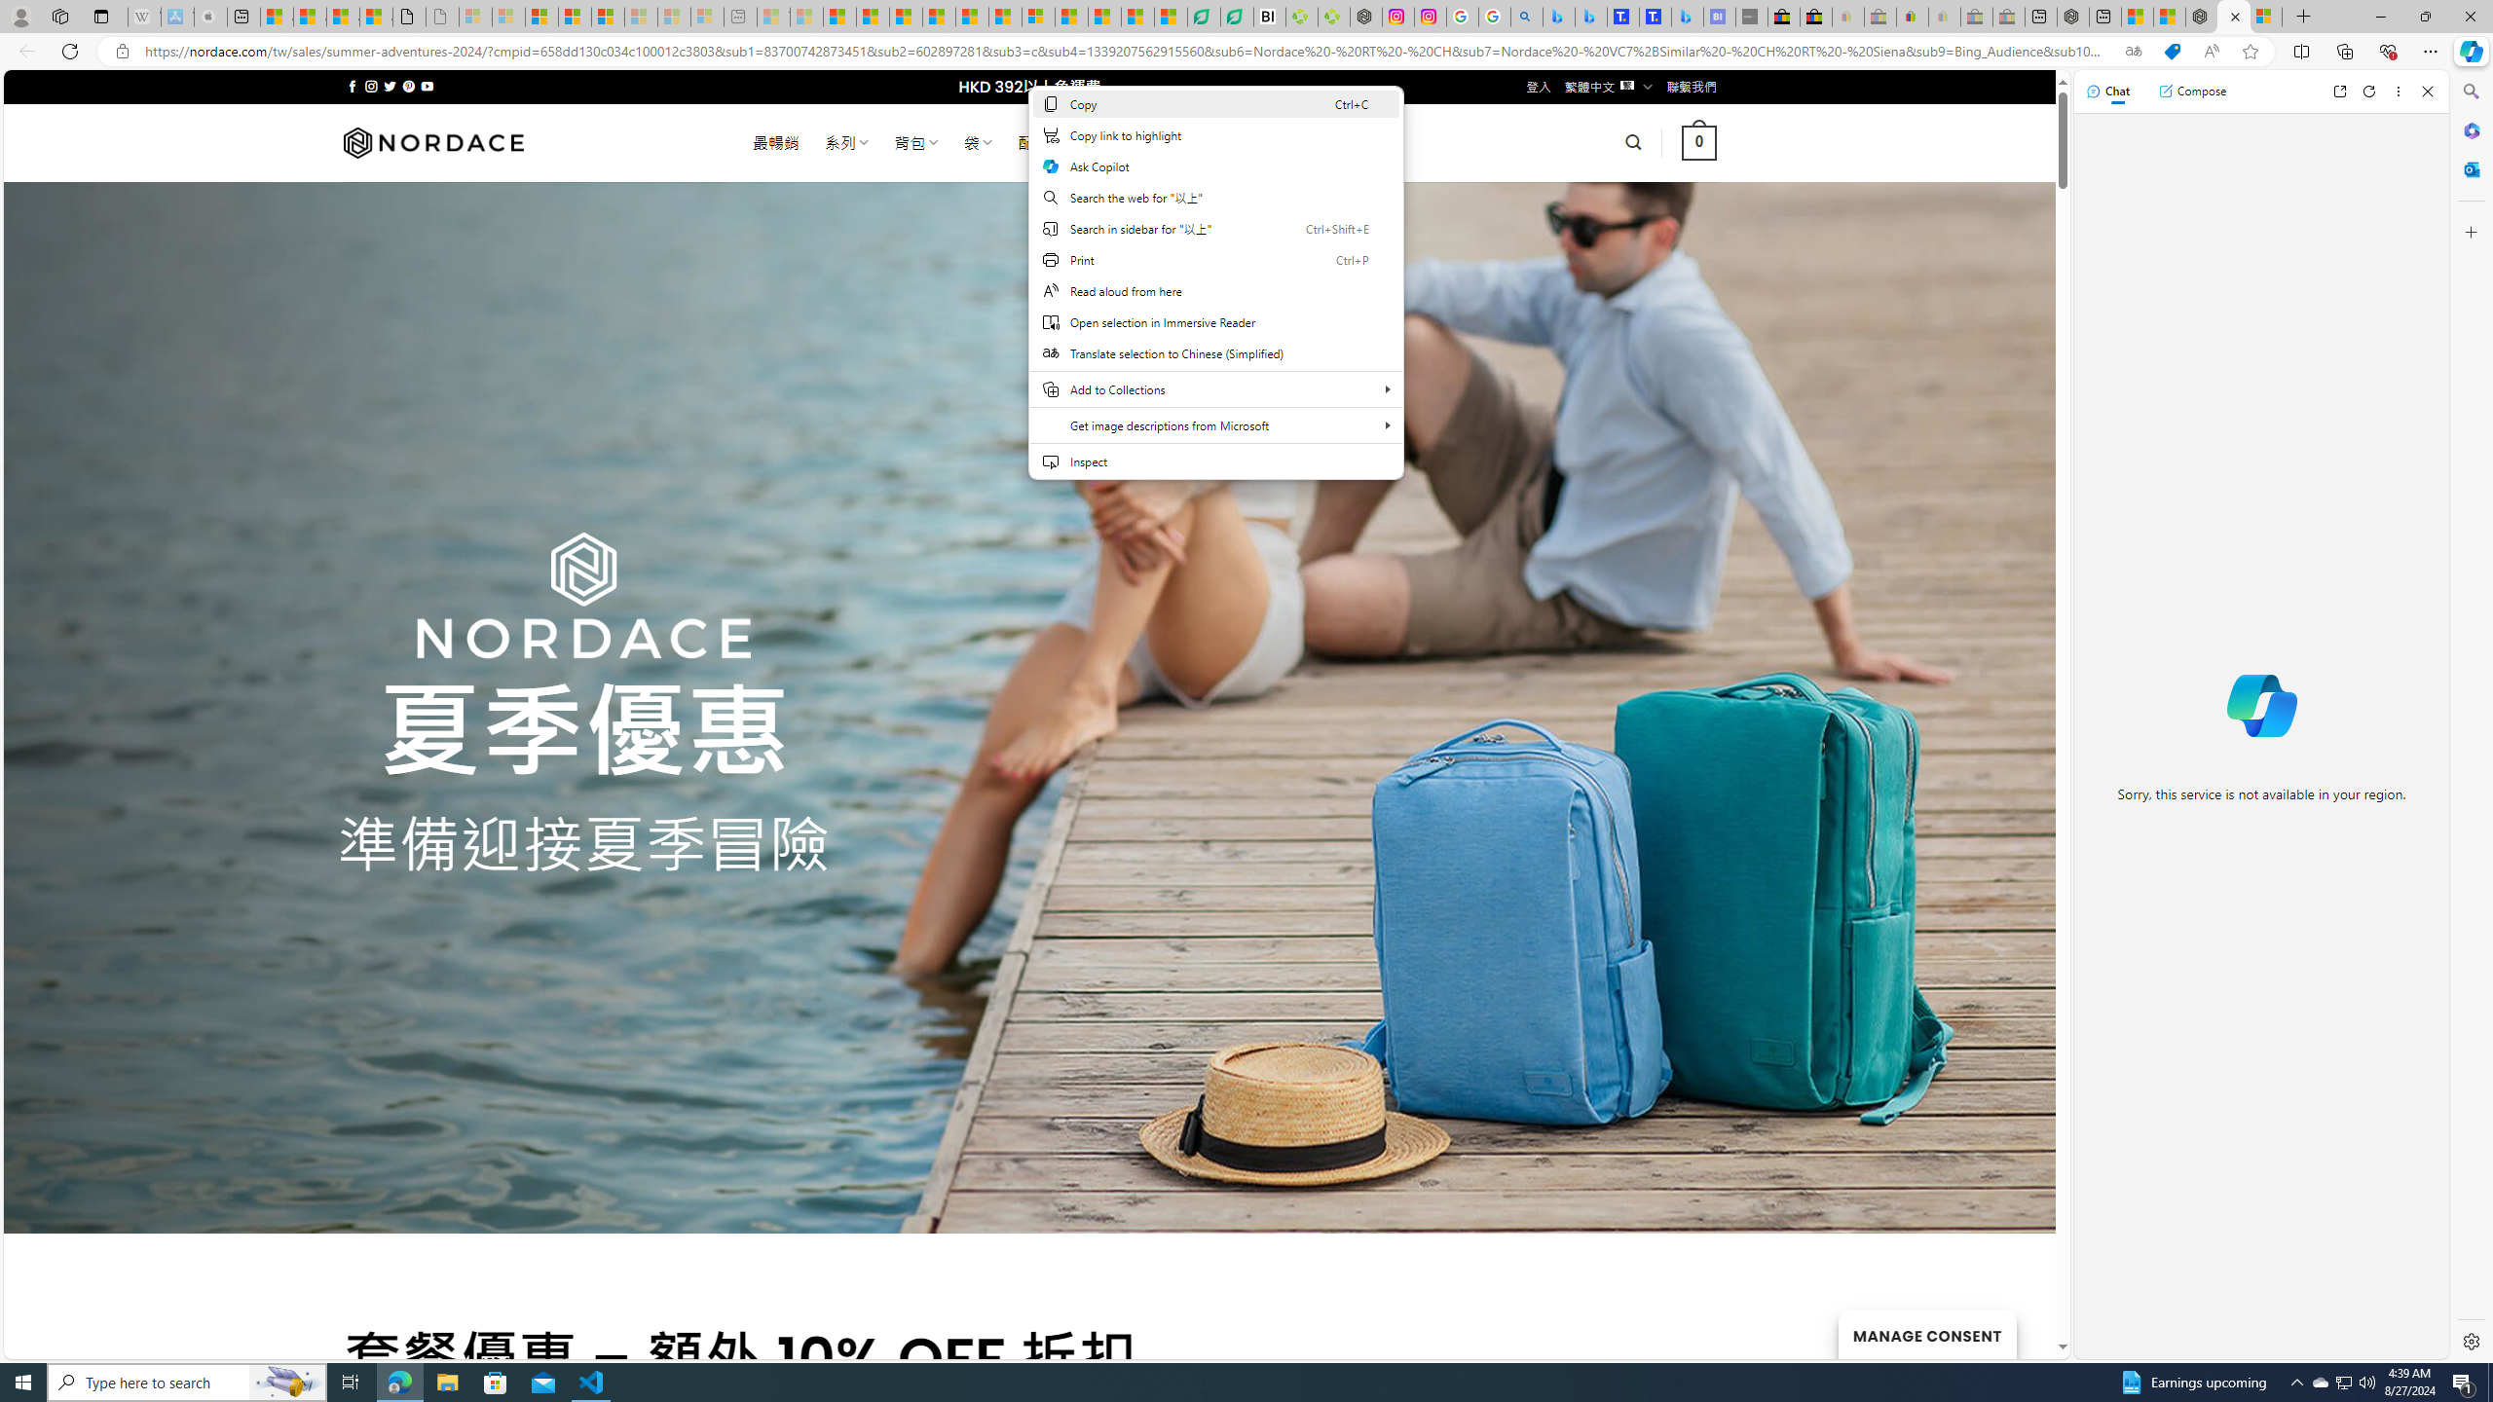  Describe the element at coordinates (353, 86) in the screenshot. I see `'Follow on Facebook'` at that location.